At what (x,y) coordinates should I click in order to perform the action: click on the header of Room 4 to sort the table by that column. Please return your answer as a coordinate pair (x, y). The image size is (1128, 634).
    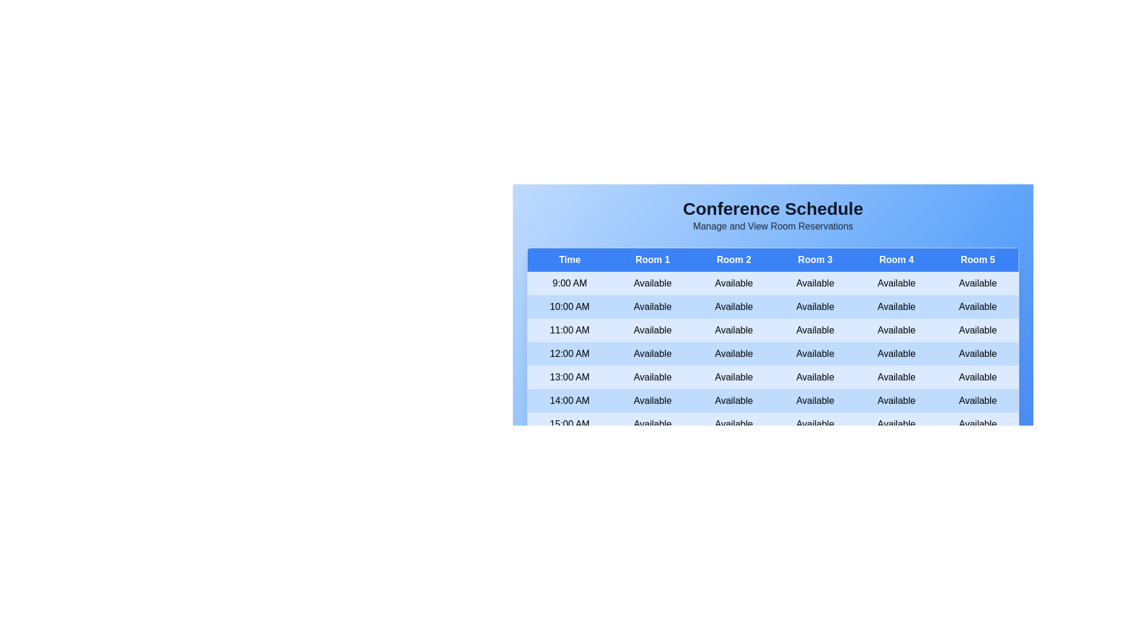
    Looking at the image, I should click on (896, 259).